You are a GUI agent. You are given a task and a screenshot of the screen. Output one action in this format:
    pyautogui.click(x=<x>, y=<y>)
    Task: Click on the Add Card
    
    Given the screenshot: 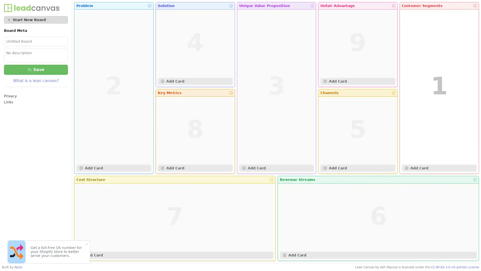 What is the action you would take?
    pyautogui.click(x=439, y=168)
    